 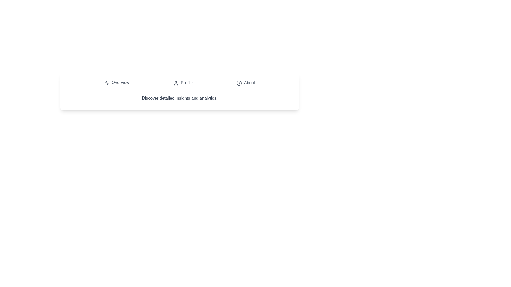 I want to click on the tab labeled Overview, so click(x=116, y=83).